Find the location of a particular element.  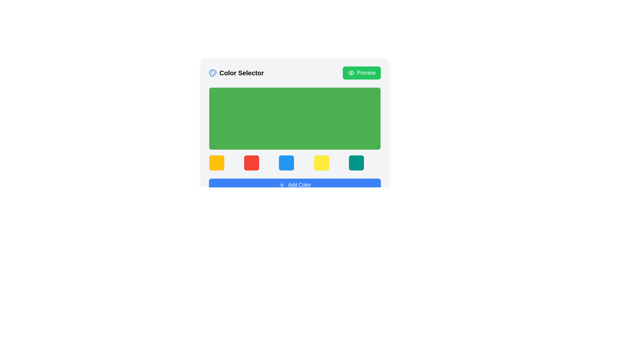

the 'Add Color' button located at the bottom of the 'Color Selector' panel is located at coordinates (295, 185).